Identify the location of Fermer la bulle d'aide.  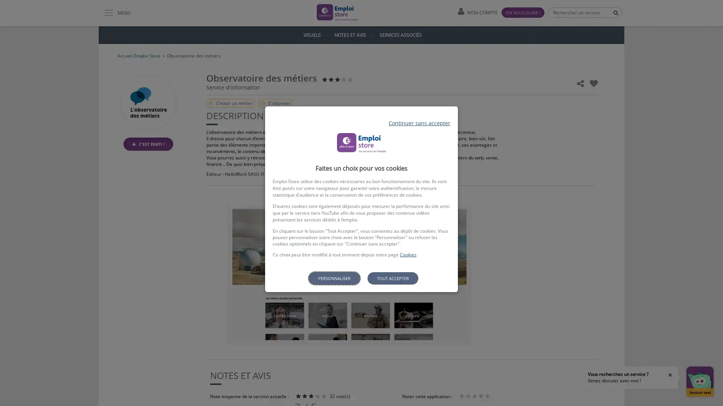
(670, 374).